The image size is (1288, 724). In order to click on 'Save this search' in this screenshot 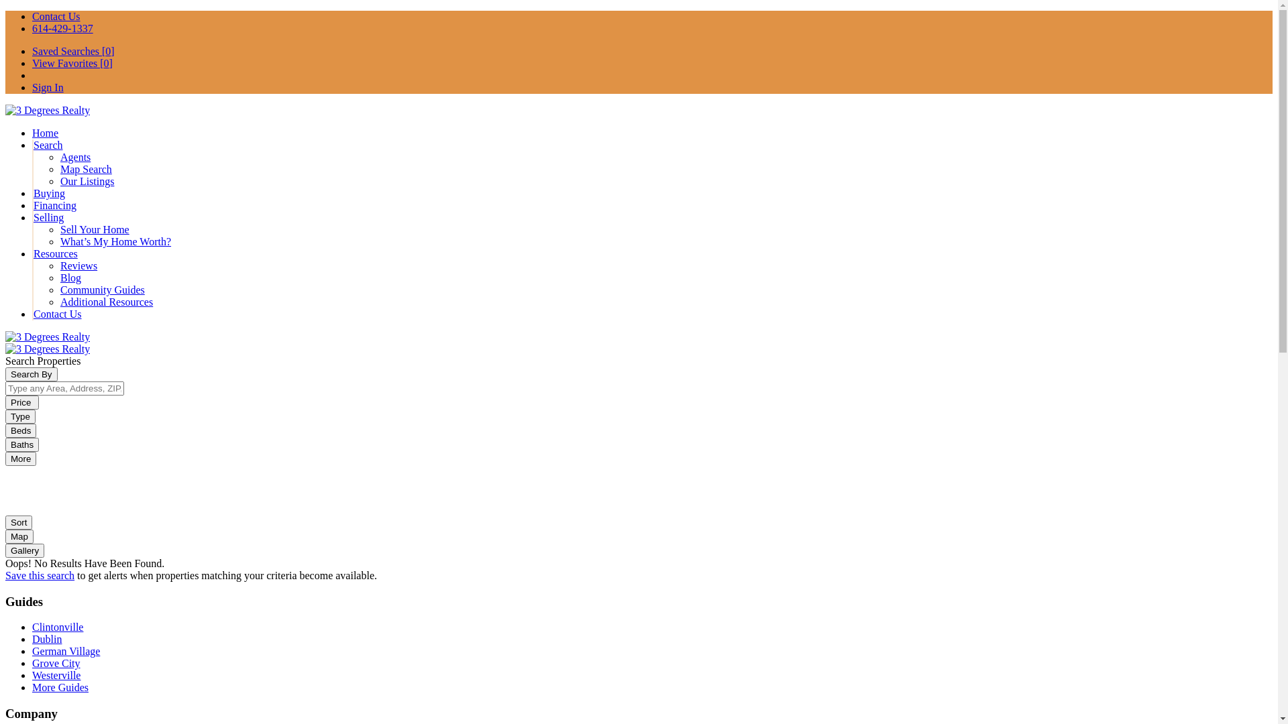, I will do `click(40, 575)`.